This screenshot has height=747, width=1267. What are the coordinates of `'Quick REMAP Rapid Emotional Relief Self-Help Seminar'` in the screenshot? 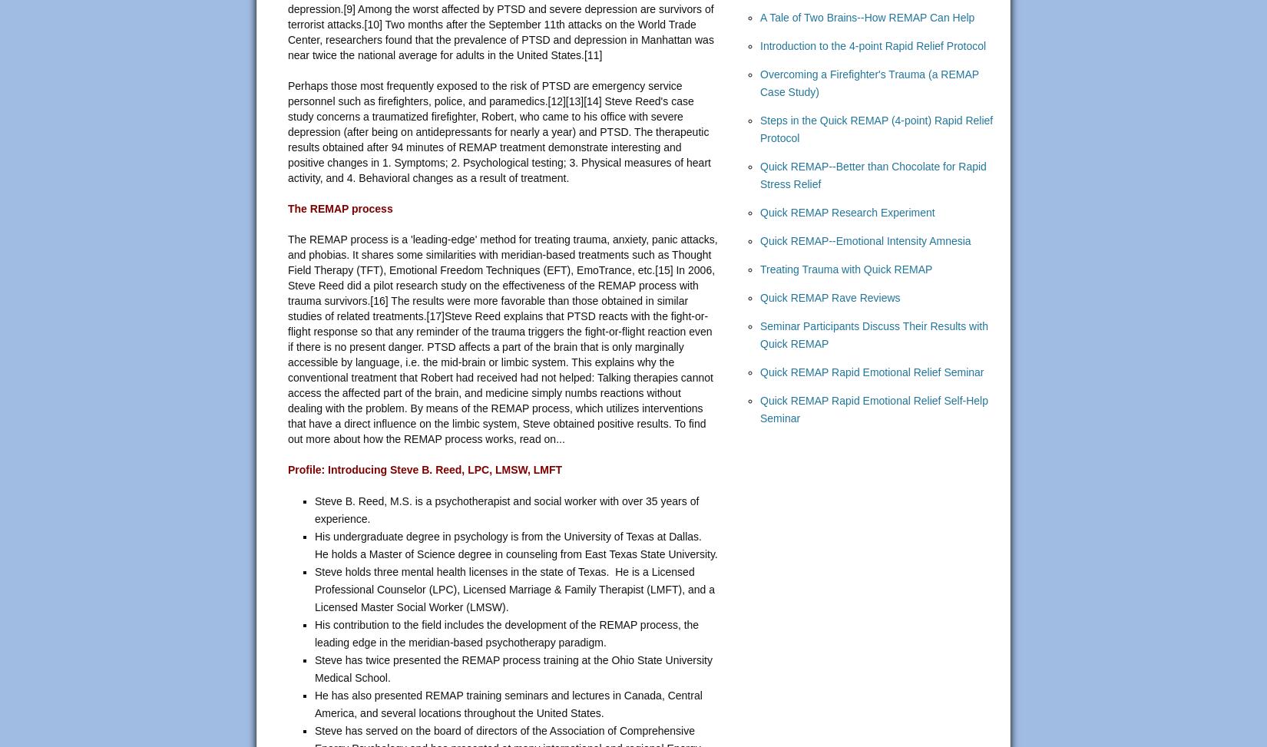 It's located at (760, 408).